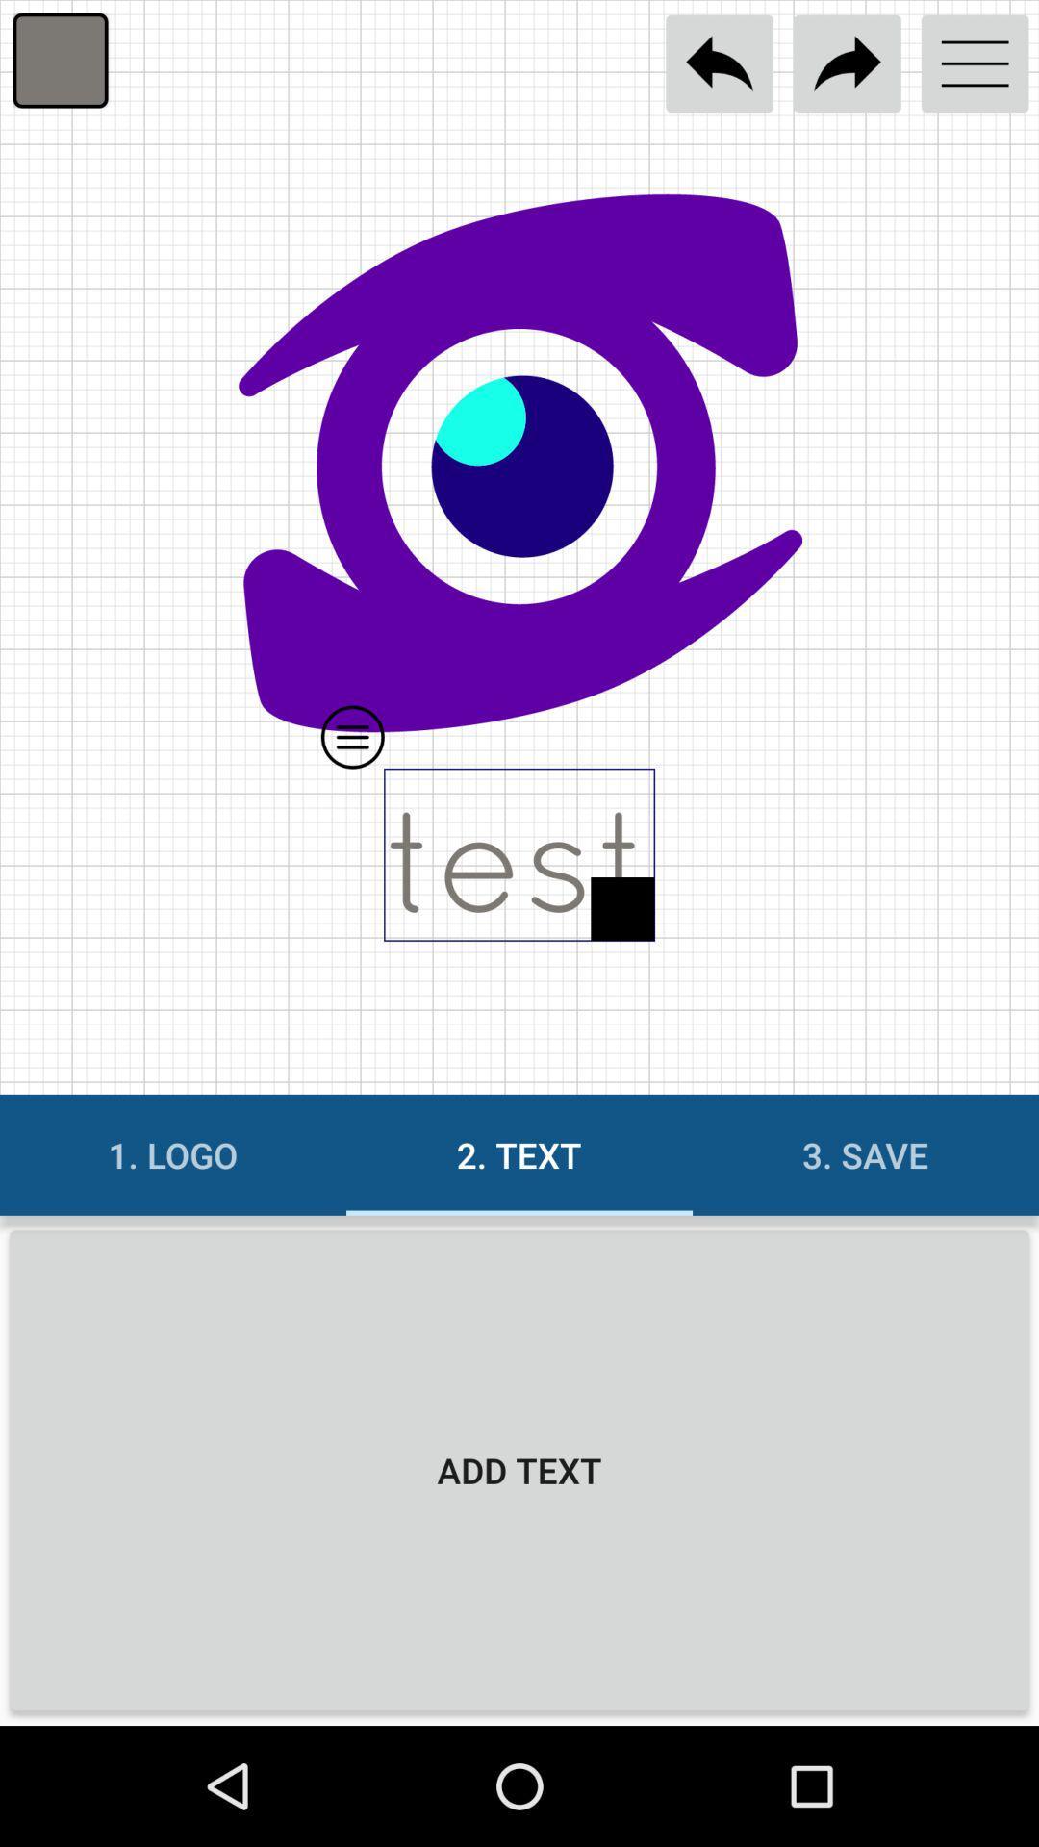 The width and height of the screenshot is (1039, 1847). Describe the element at coordinates (975, 63) in the screenshot. I see `the menu icon` at that location.